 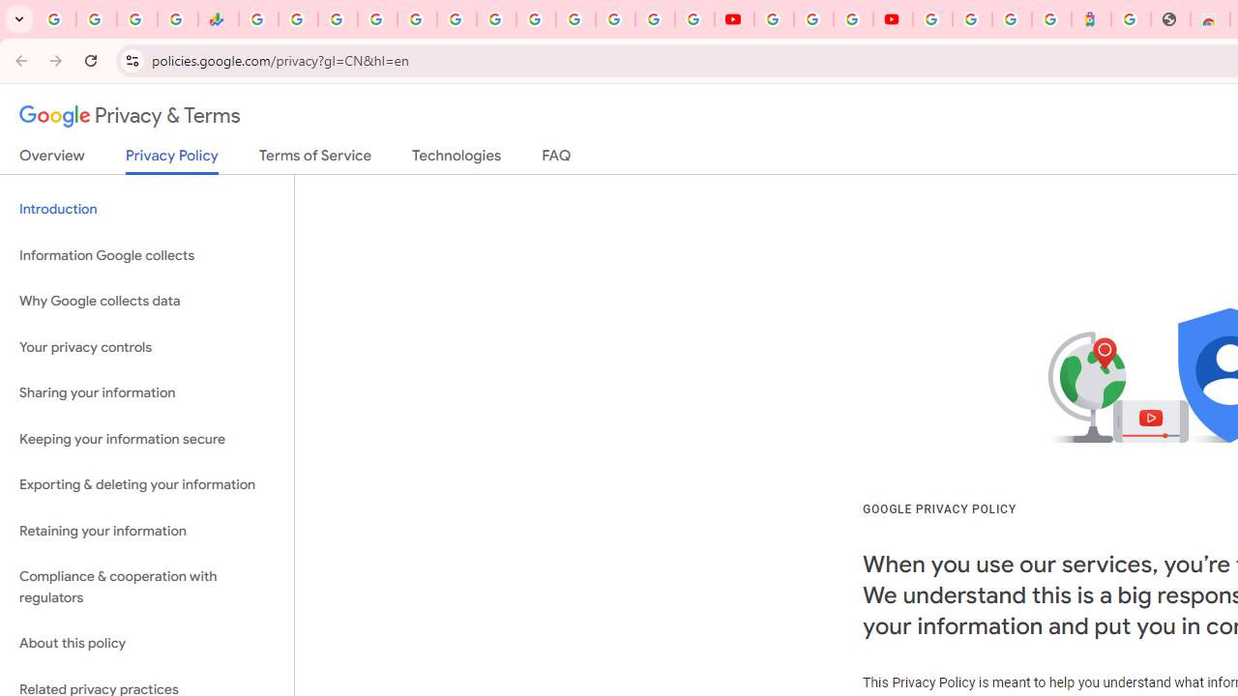 I want to click on 'Privacy & Terms', so click(x=130, y=116).